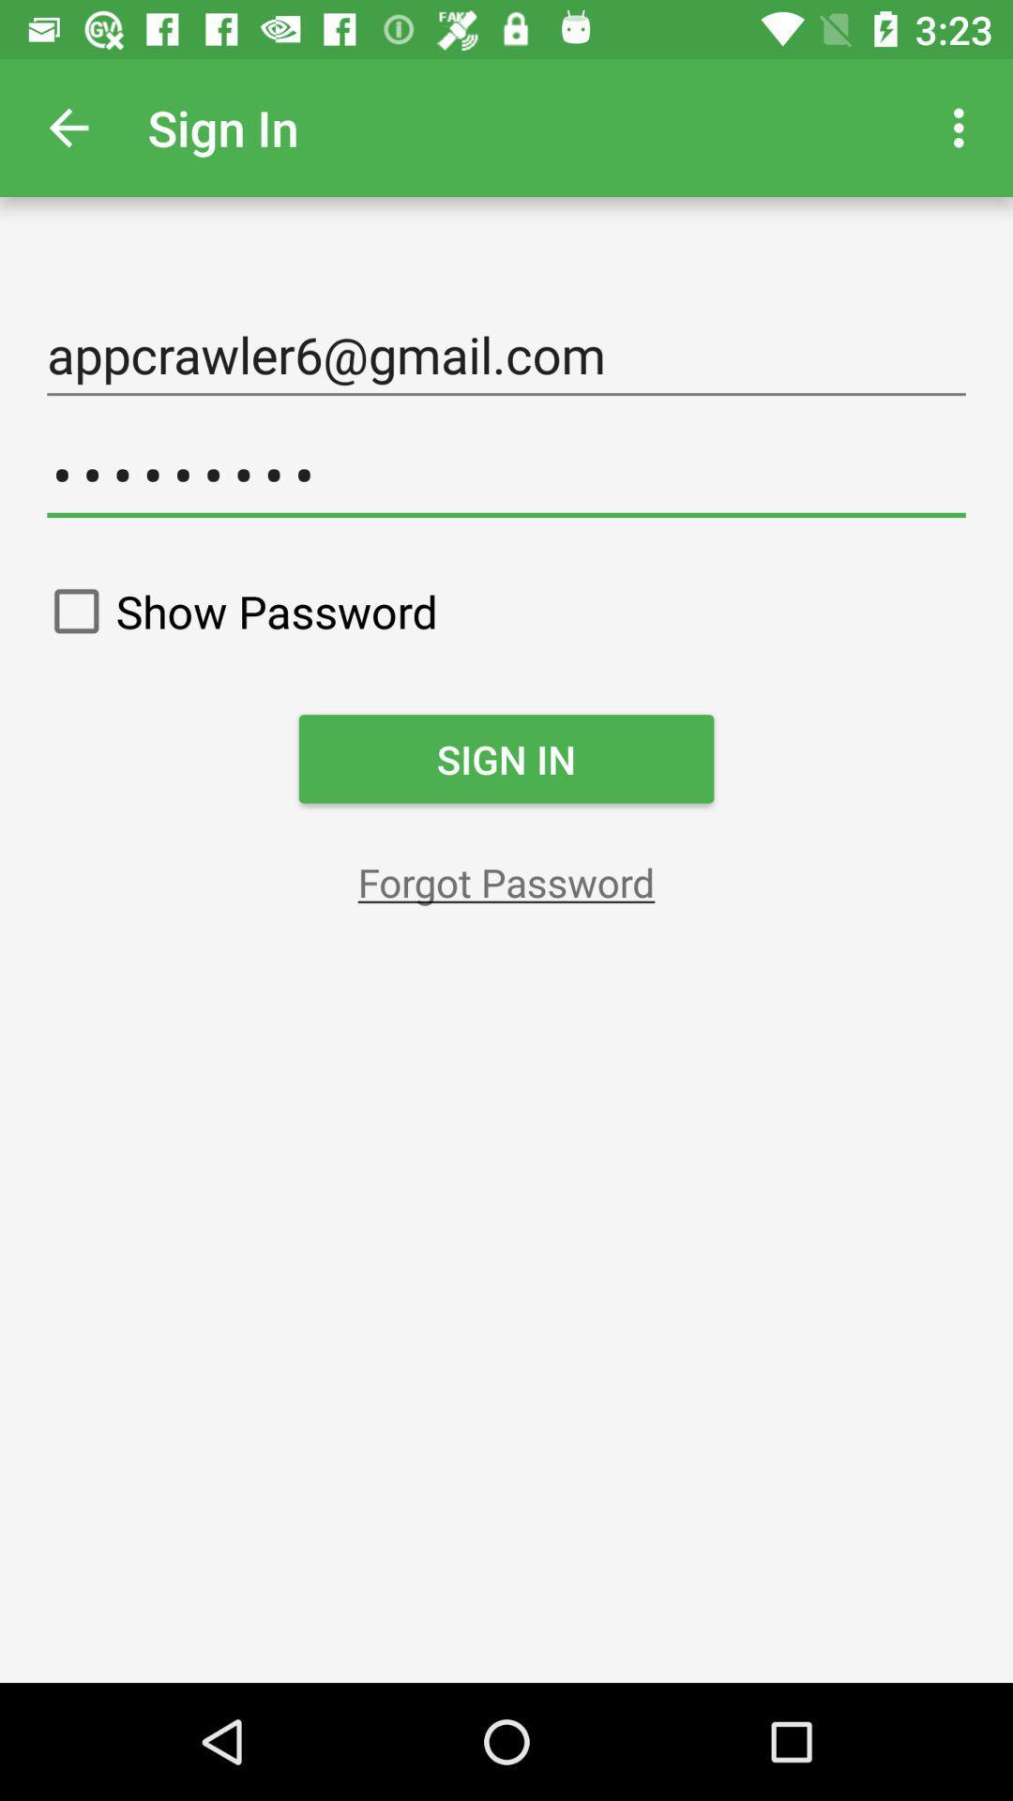 This screenshot has width=1013, height=1801. Describe the element at coordinates (963, 127) in the screenshot. I see `app to the right of the sign in item` at that location.